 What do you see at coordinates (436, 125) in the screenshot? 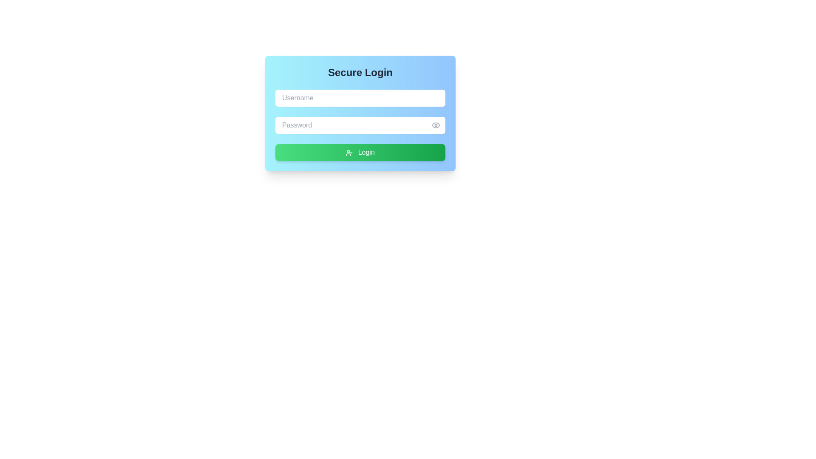
I see `the visibility toggle button located at the right end of the password input field to observe potential hover effects` at bounding box center [436, 125].